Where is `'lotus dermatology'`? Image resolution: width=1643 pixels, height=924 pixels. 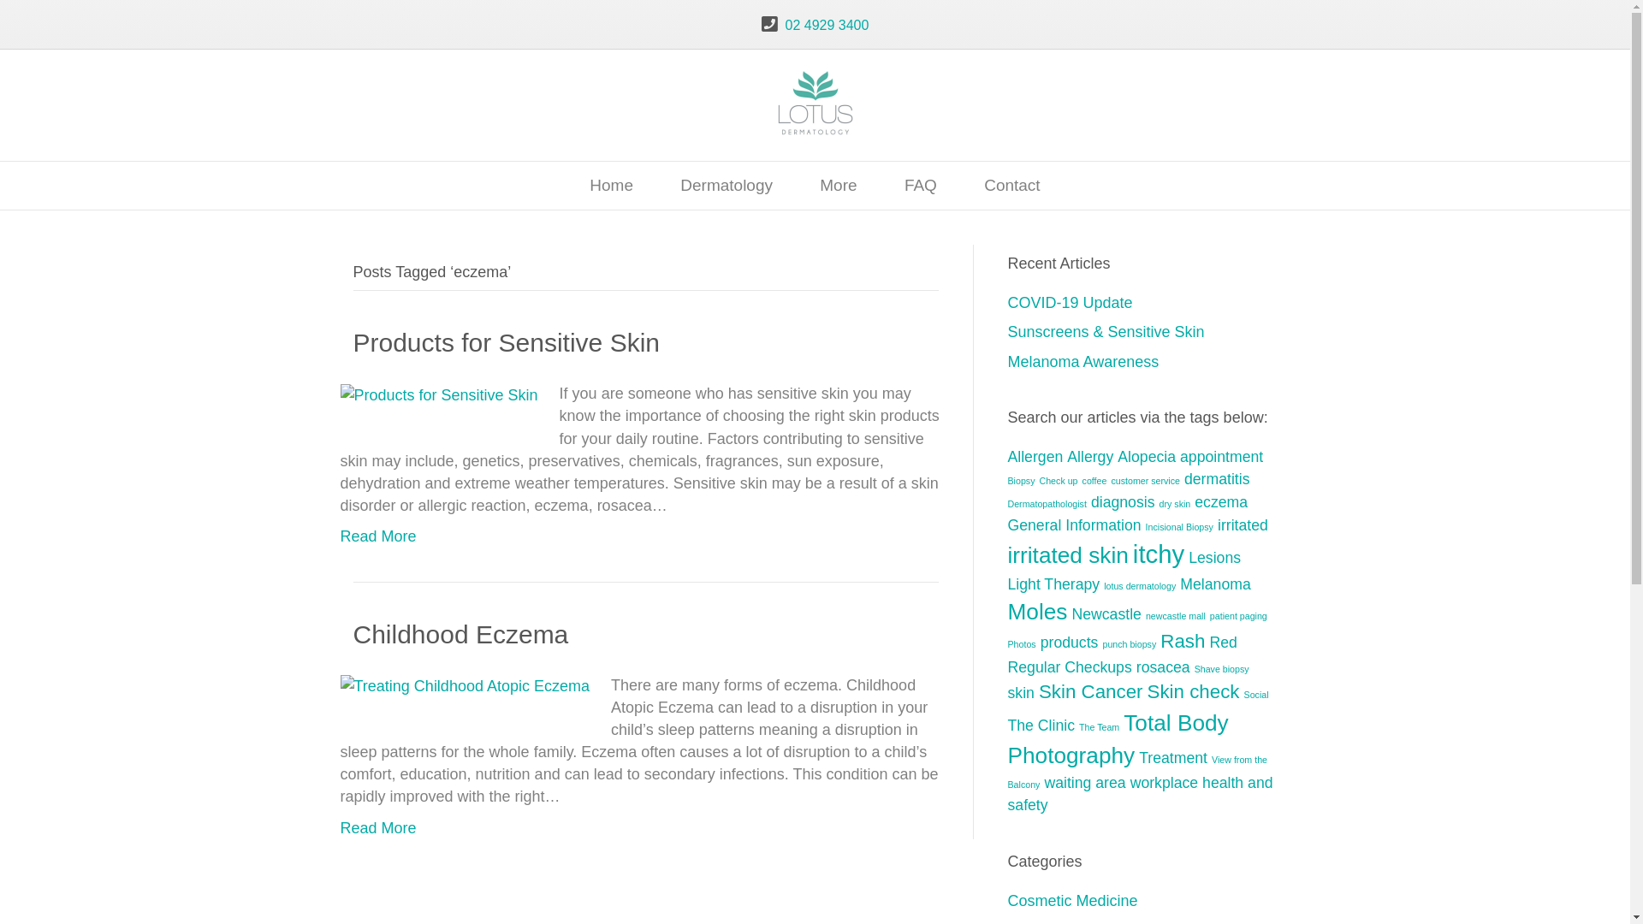 'lotus dermatology' is located at coordinates (1139, 585).